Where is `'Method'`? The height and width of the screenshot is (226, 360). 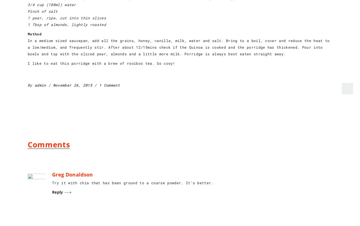 'Method' is located at coordinates (34, 34).